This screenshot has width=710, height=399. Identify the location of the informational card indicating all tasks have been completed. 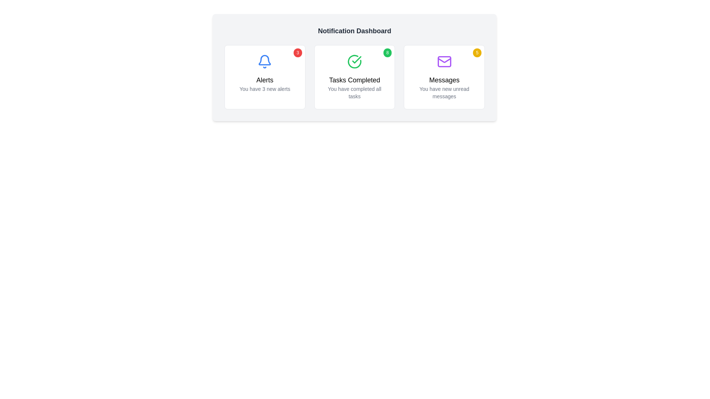
(354, 77).